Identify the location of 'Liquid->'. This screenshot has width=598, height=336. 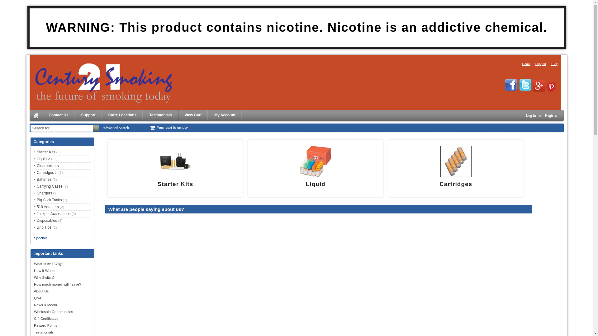
(41, 158).